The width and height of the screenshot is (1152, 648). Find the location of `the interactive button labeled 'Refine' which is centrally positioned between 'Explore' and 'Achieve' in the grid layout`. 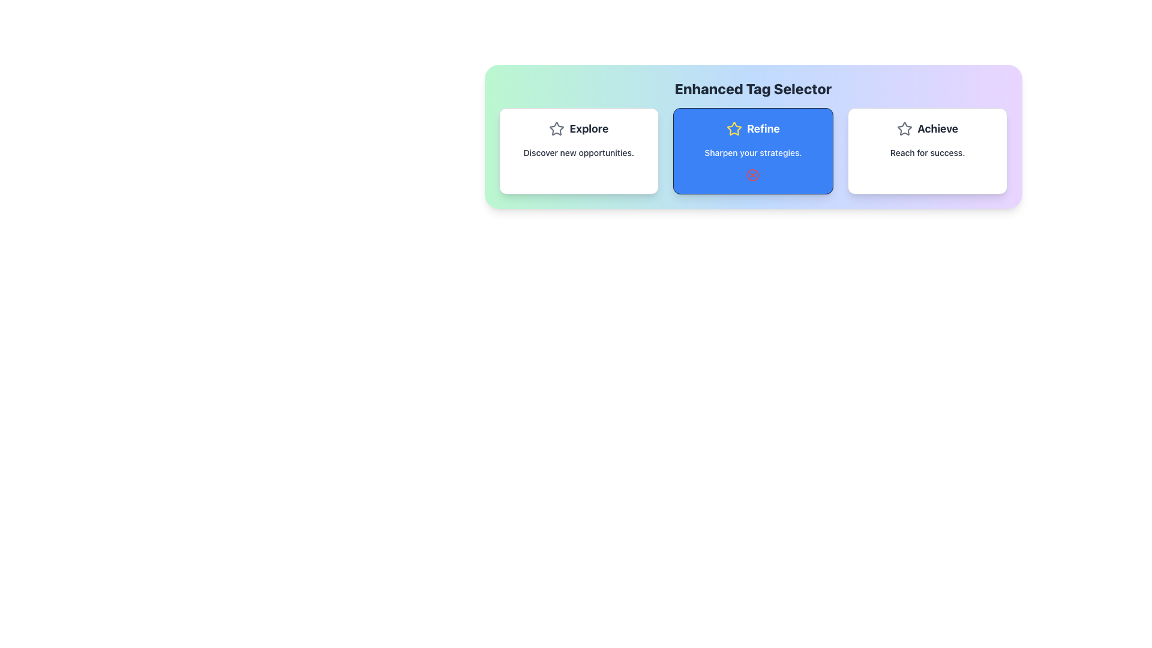

the interactive button labeled 'Refine' which is centrally positioned between 'Explore' and 'Achieve' in the grid layout is located at coordinates (752, 150).